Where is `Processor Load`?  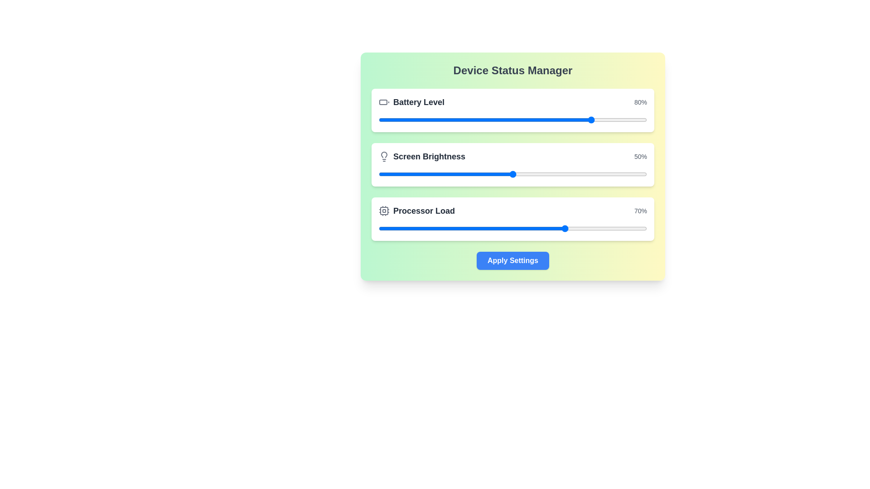
Processor Load is located at coordinates (485, 228).